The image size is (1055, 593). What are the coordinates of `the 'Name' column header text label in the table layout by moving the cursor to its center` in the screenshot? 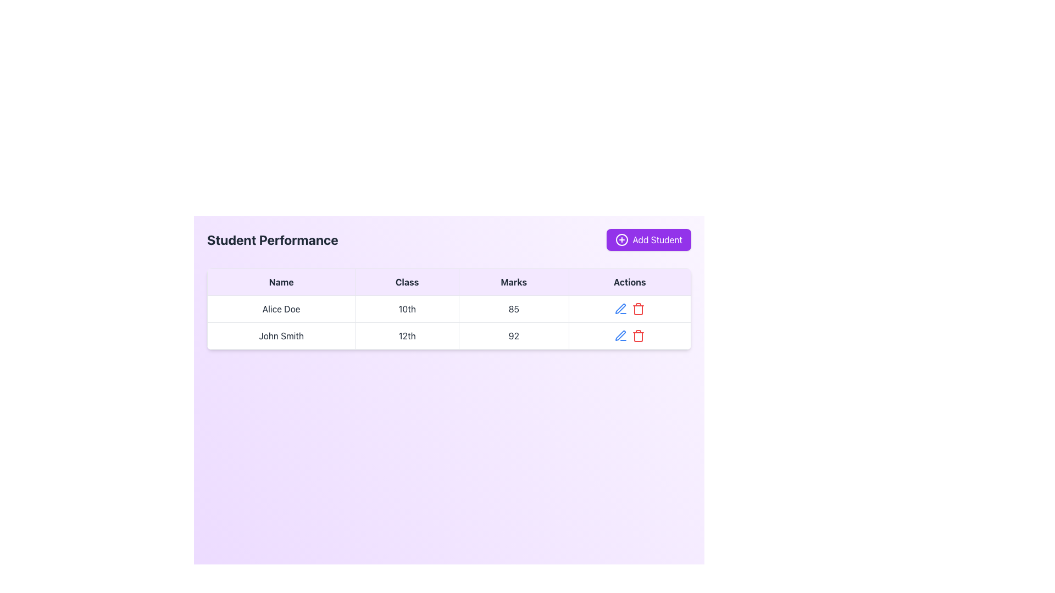 It's located at (281, 281).